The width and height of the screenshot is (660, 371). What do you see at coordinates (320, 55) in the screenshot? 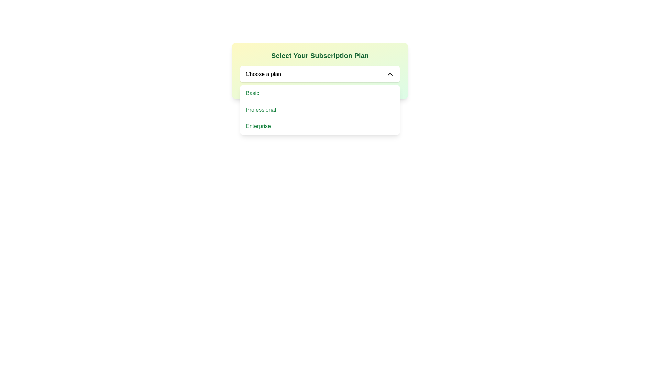
I see `the header text element that reads 'Select Your Subscription Plan', styled with a green font and positioned at the top of the card-like interface` at bounding box center [320, 55].